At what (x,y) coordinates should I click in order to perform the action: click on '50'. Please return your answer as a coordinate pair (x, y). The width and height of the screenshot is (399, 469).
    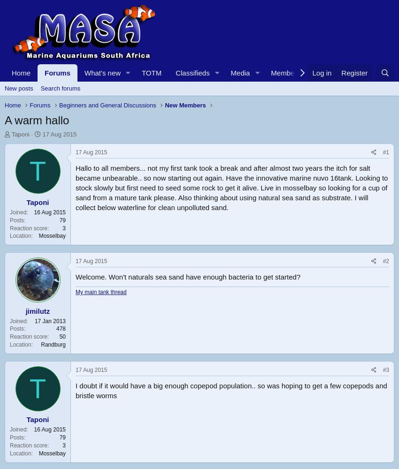
    Looking at the image, I should click on (62, 336).